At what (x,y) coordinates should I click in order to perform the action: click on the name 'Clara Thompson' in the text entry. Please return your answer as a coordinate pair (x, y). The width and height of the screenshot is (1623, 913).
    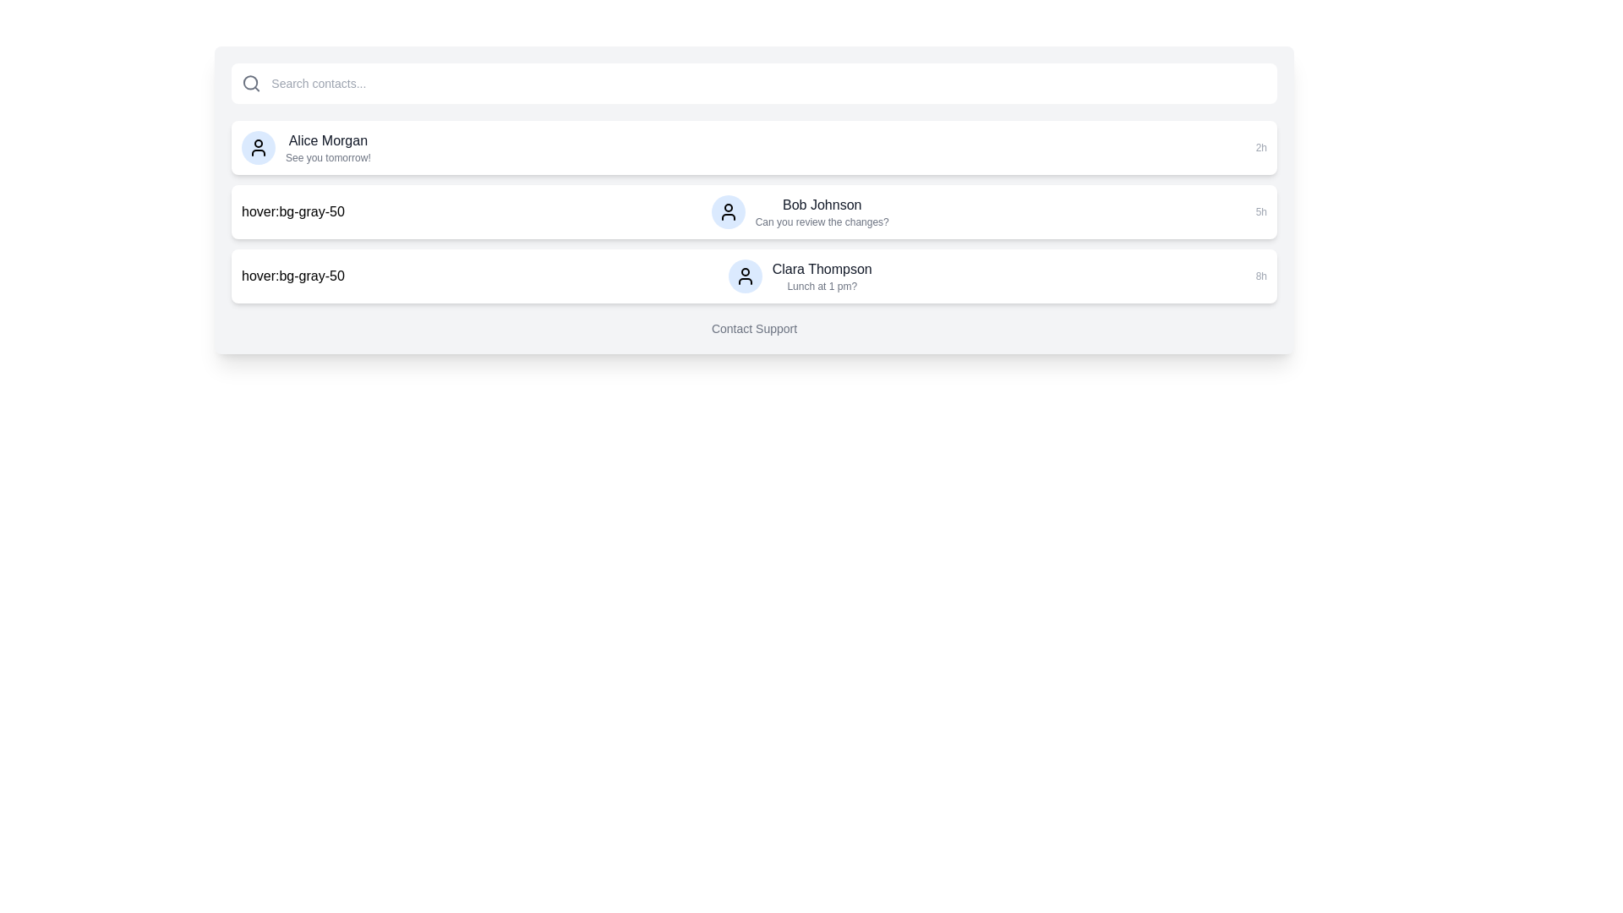
    Looking at the image, I should click on (822, 276).